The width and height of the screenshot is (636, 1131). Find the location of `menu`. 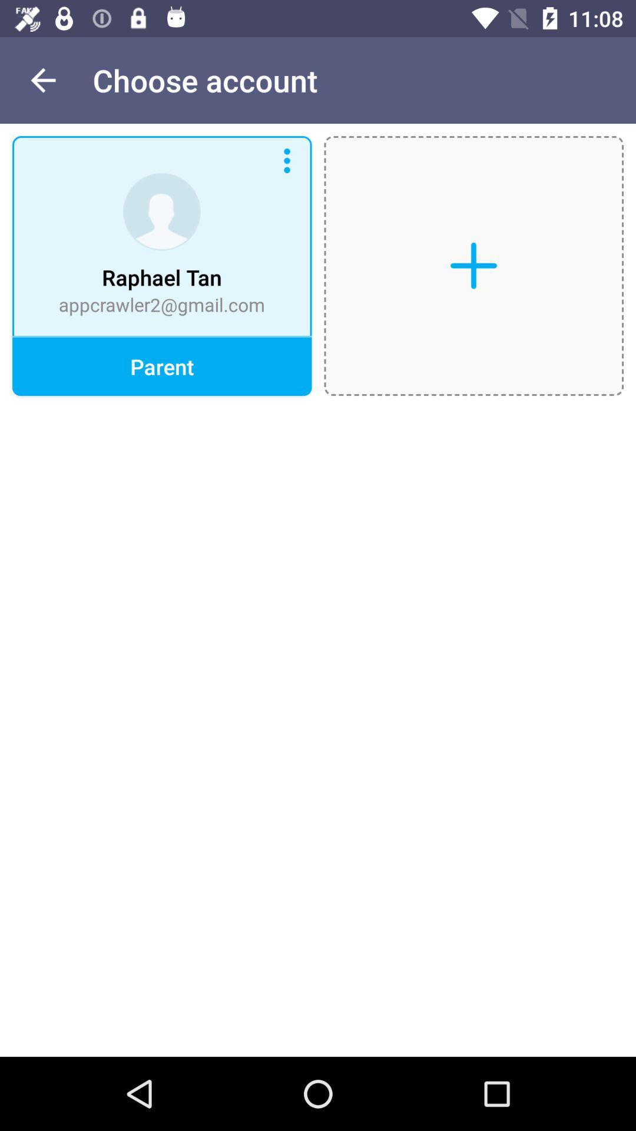

menu is located at coordinates (287, 160).